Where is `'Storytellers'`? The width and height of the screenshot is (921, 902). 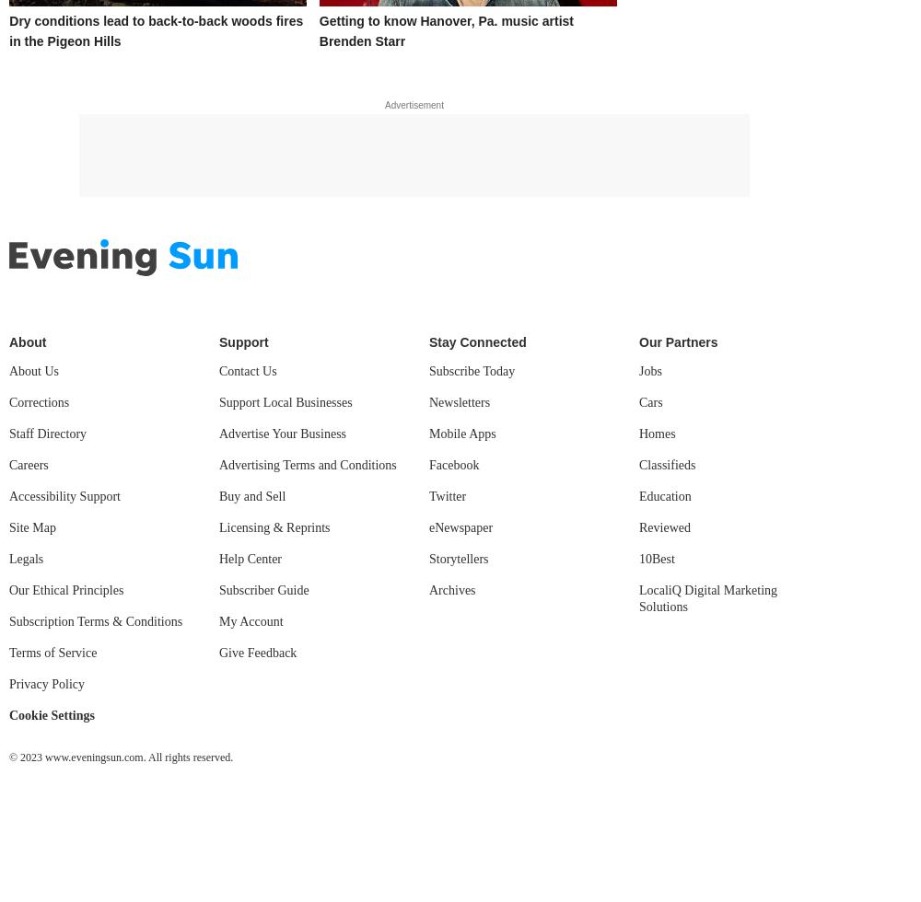 'Storytellers' is located at coordinates (458, 558).